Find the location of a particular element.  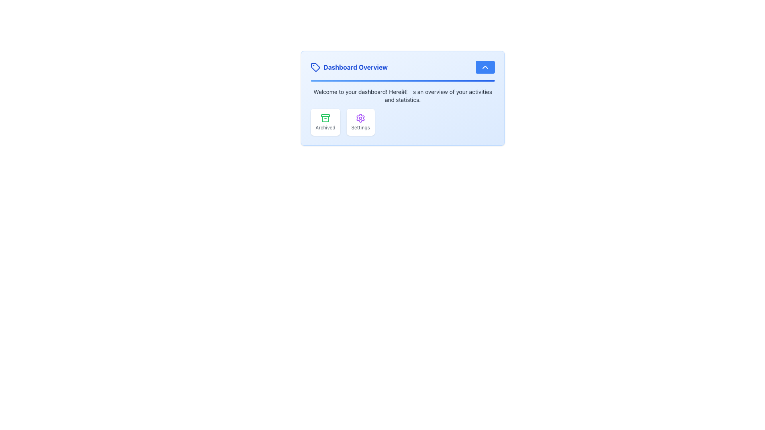

the settings icon is located at coordinates (360, 118).